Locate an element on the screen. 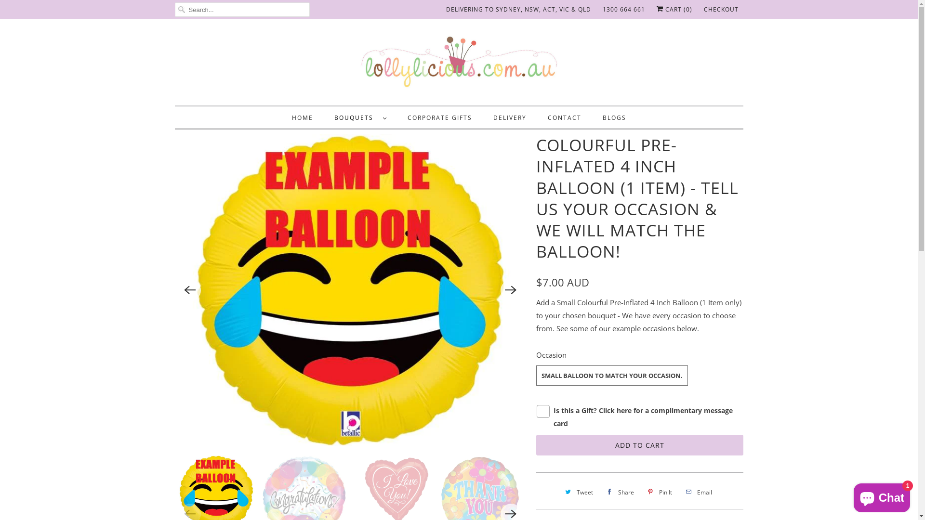 This screenshot has width=925, height=520. 'CHECKOUT' is located at coordinates (703, 9).